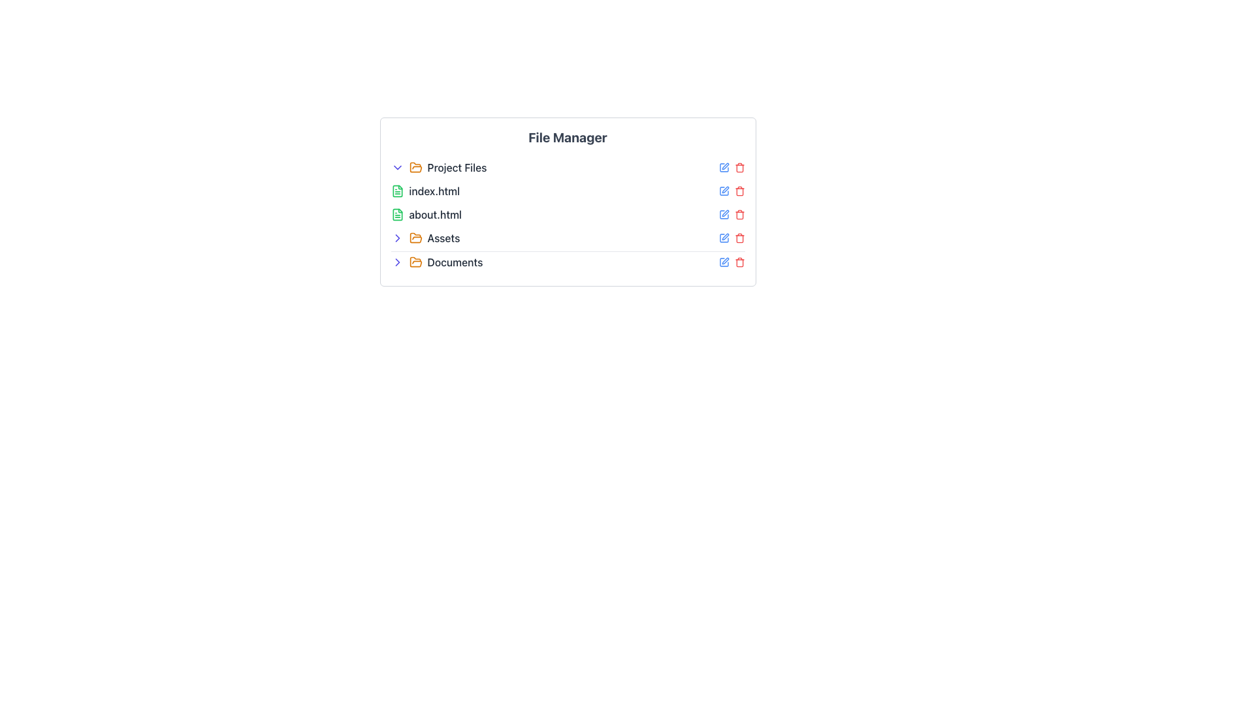 This screenshot has width=1254, height=705. Describe the element at coordinates (739, 191) in the screenshot. I see `the red trash icon button, which signifies a delete action, located at the far right of the file item` at that location.